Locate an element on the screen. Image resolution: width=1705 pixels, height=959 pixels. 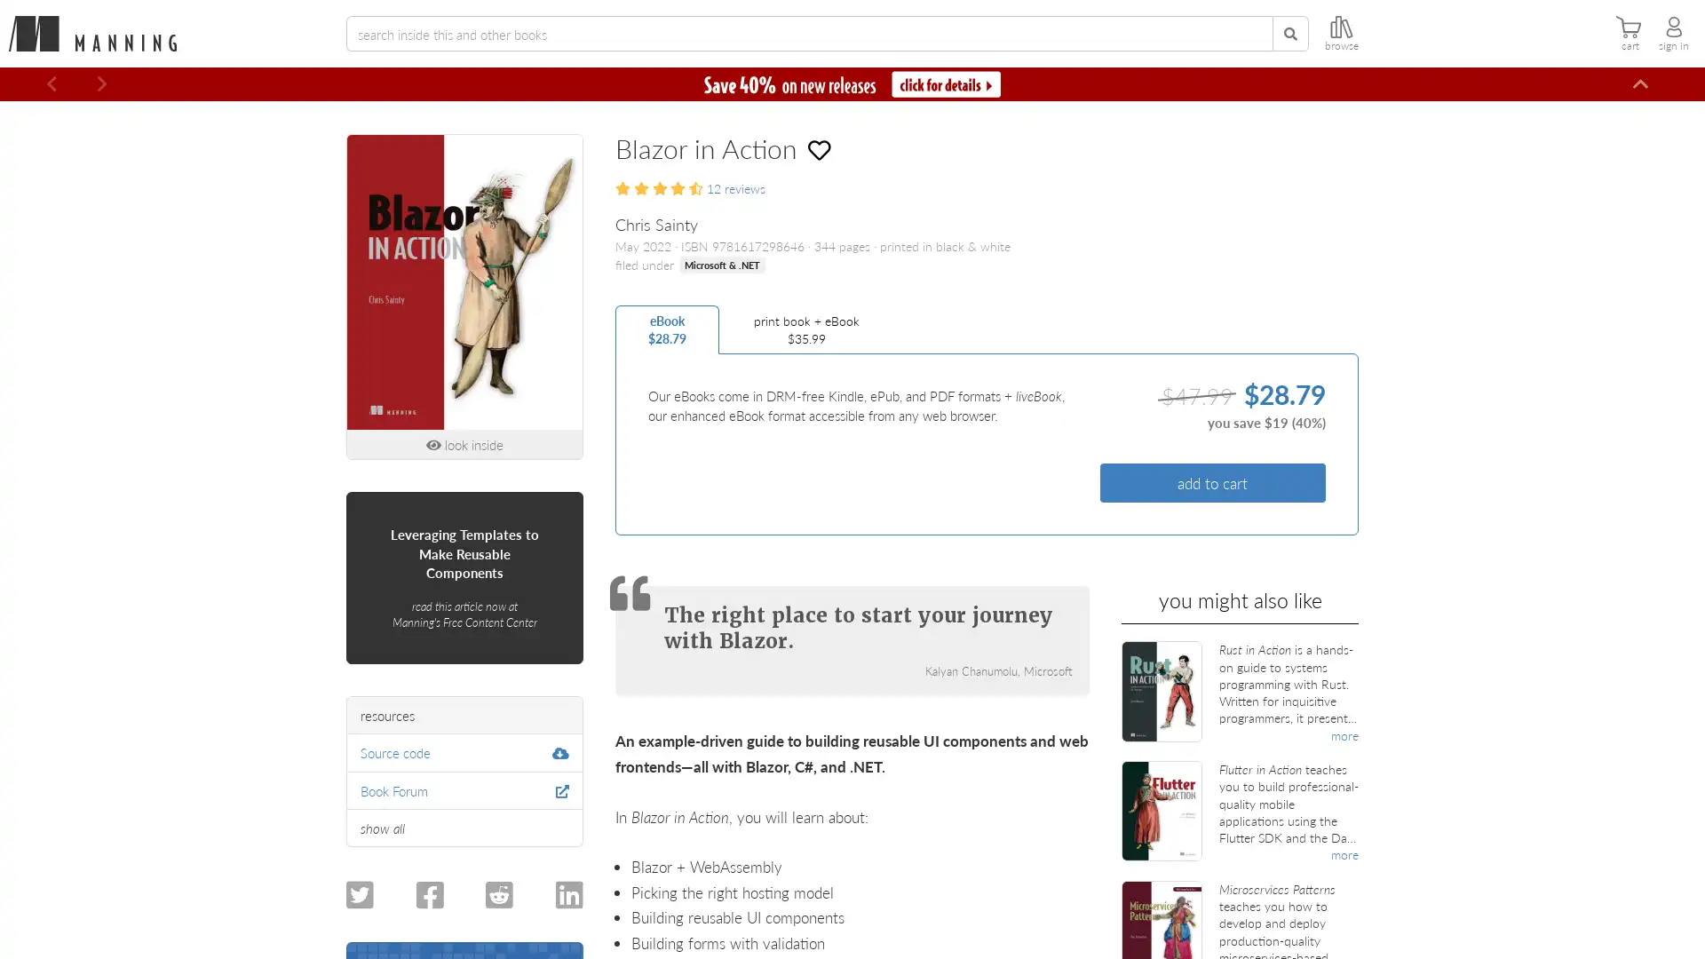
Next is located at coordinates (101, 84).